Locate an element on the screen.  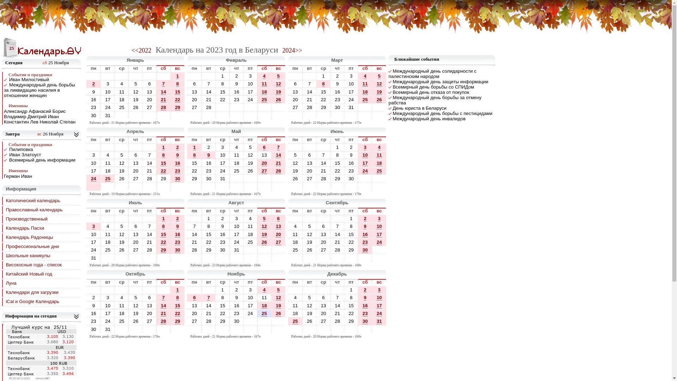
'23' is located at coordinates (365, 313).